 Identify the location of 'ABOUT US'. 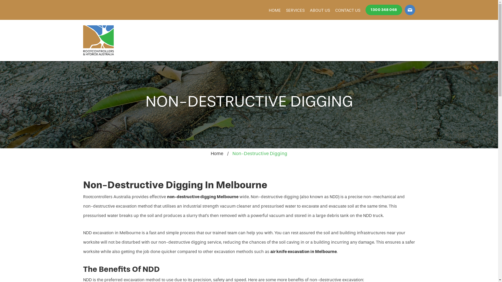
(310, 10).